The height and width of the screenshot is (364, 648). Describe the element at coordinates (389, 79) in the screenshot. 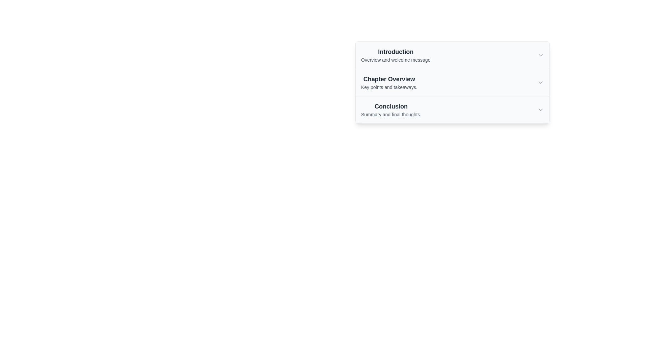

I see `information from the 'Chapter Overview' text label, which is styled in bold and large black font, located in the middle section of a dropdown list on the right-hand side of the interface` at that location.